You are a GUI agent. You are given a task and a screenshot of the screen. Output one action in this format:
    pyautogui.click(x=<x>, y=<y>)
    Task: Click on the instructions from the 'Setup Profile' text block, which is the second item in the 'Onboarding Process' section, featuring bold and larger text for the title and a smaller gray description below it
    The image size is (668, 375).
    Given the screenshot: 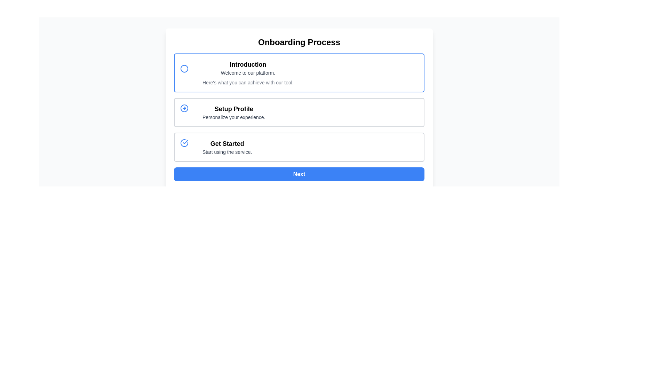 What is the action you would take?
    pyautogui.click(x=234, y=112)
    